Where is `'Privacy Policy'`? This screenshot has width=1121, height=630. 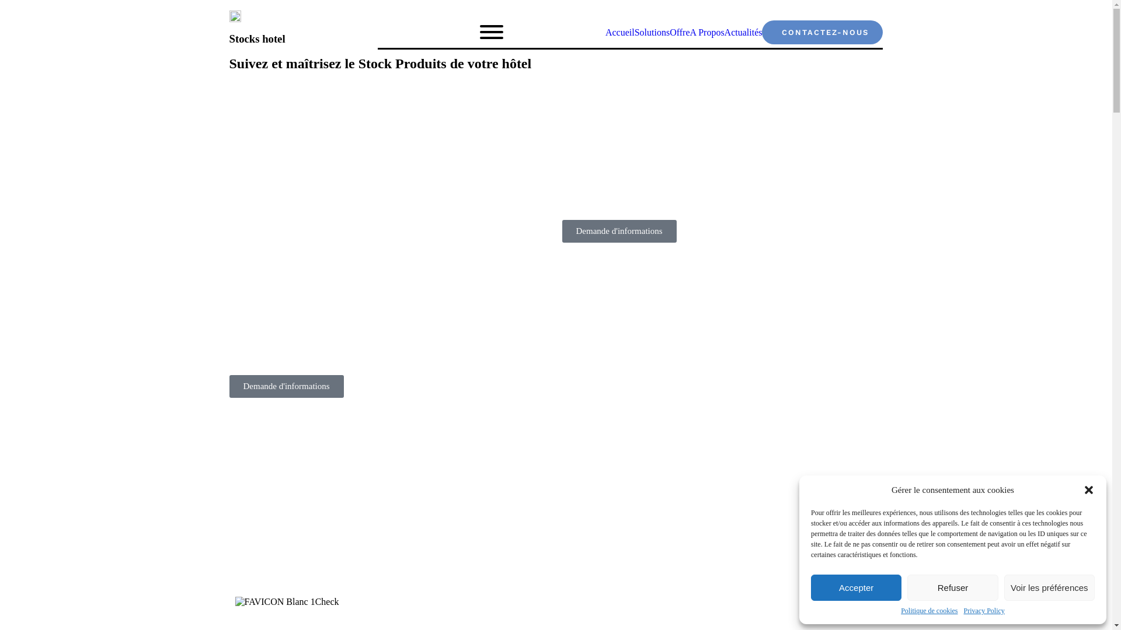 'Privacy Policy' is located at coordinates (983, 610).